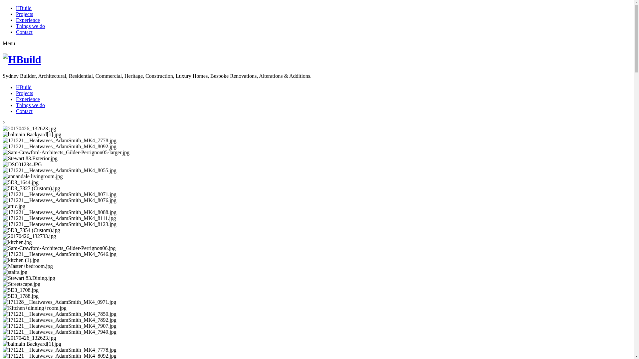 Image resolution: width=639 pixels, height=359 pixels. What do you see at coordinates (24, 8) in the screenshot?
I see `'HBuild'` at bounding box center [24, 8].